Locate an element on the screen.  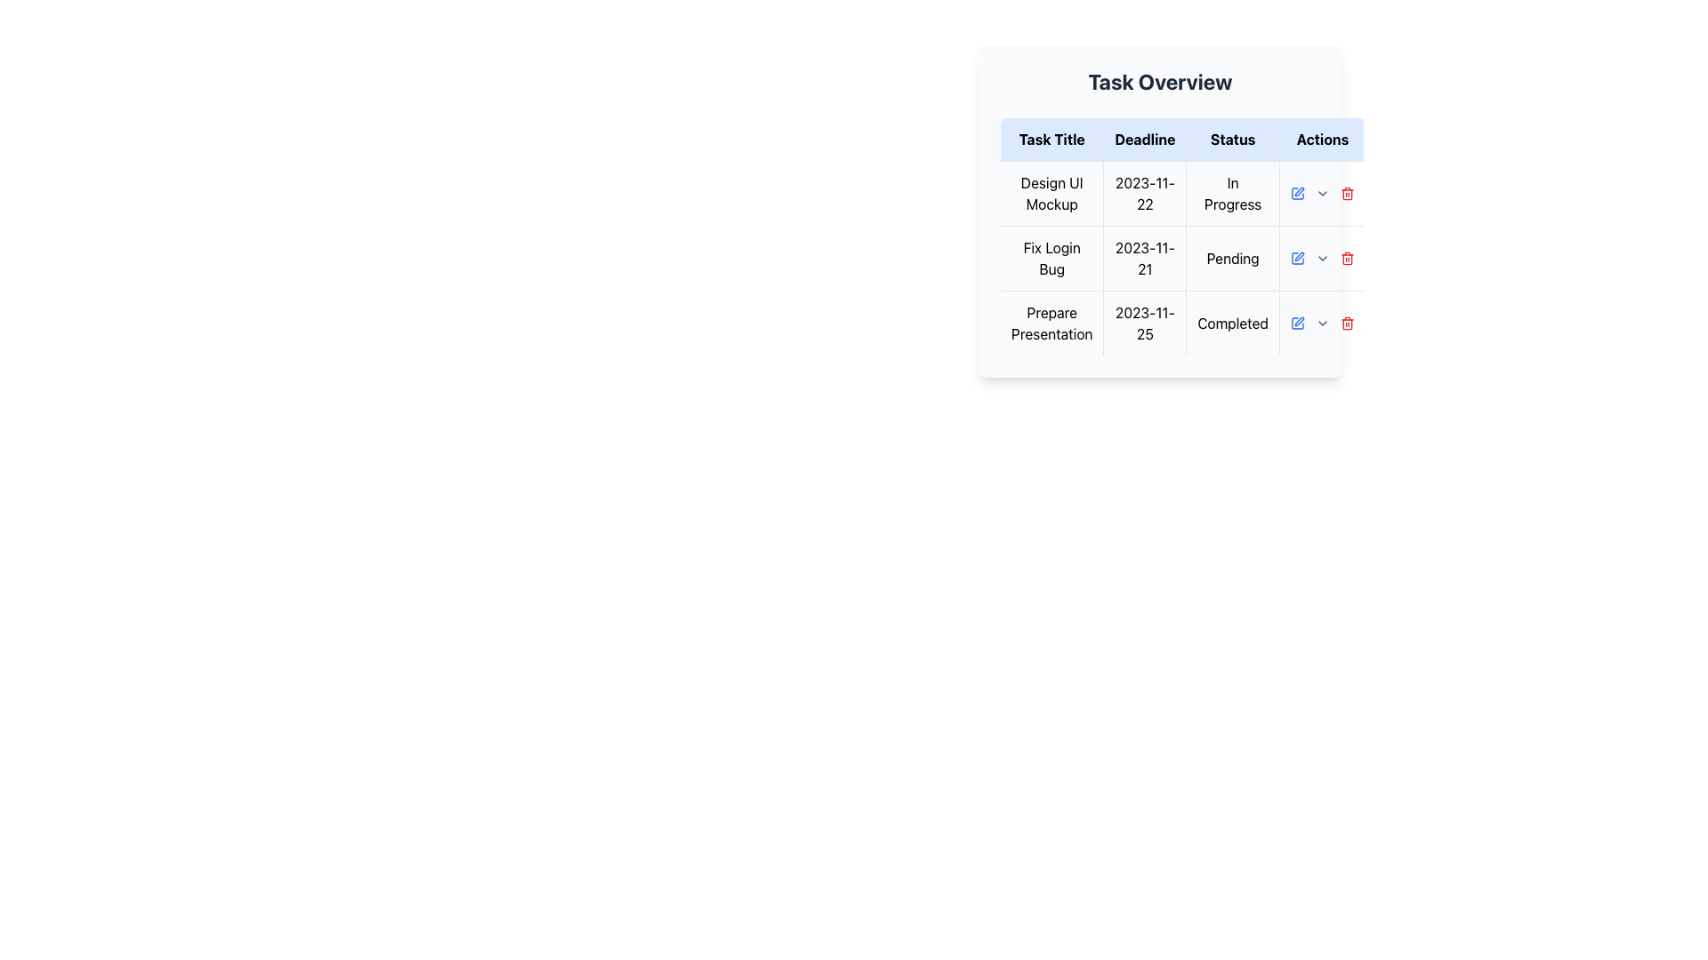
the editing icon in the 'Actions' column of the second row, associated with the task titled 'Fix Login Bug' is located at coordinates (1298, 194).